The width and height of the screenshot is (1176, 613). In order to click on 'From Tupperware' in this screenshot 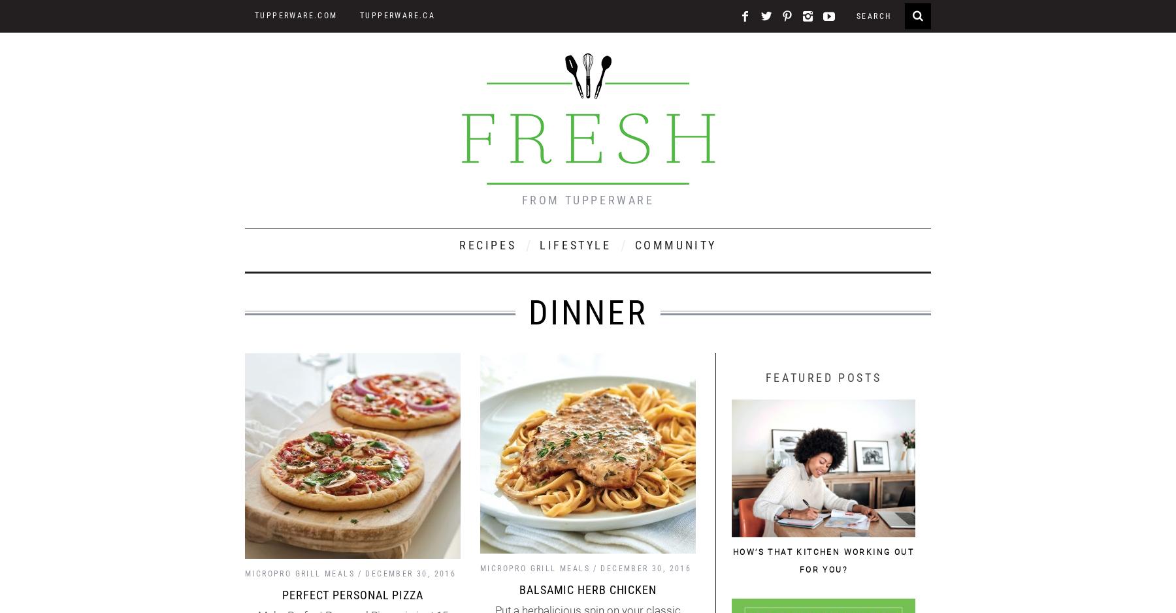, I will do `click(587, 200)`.